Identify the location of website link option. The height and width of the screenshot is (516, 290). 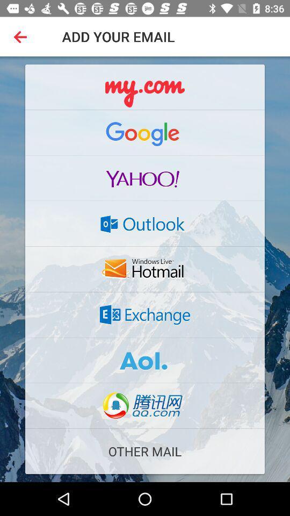
(145, 405).